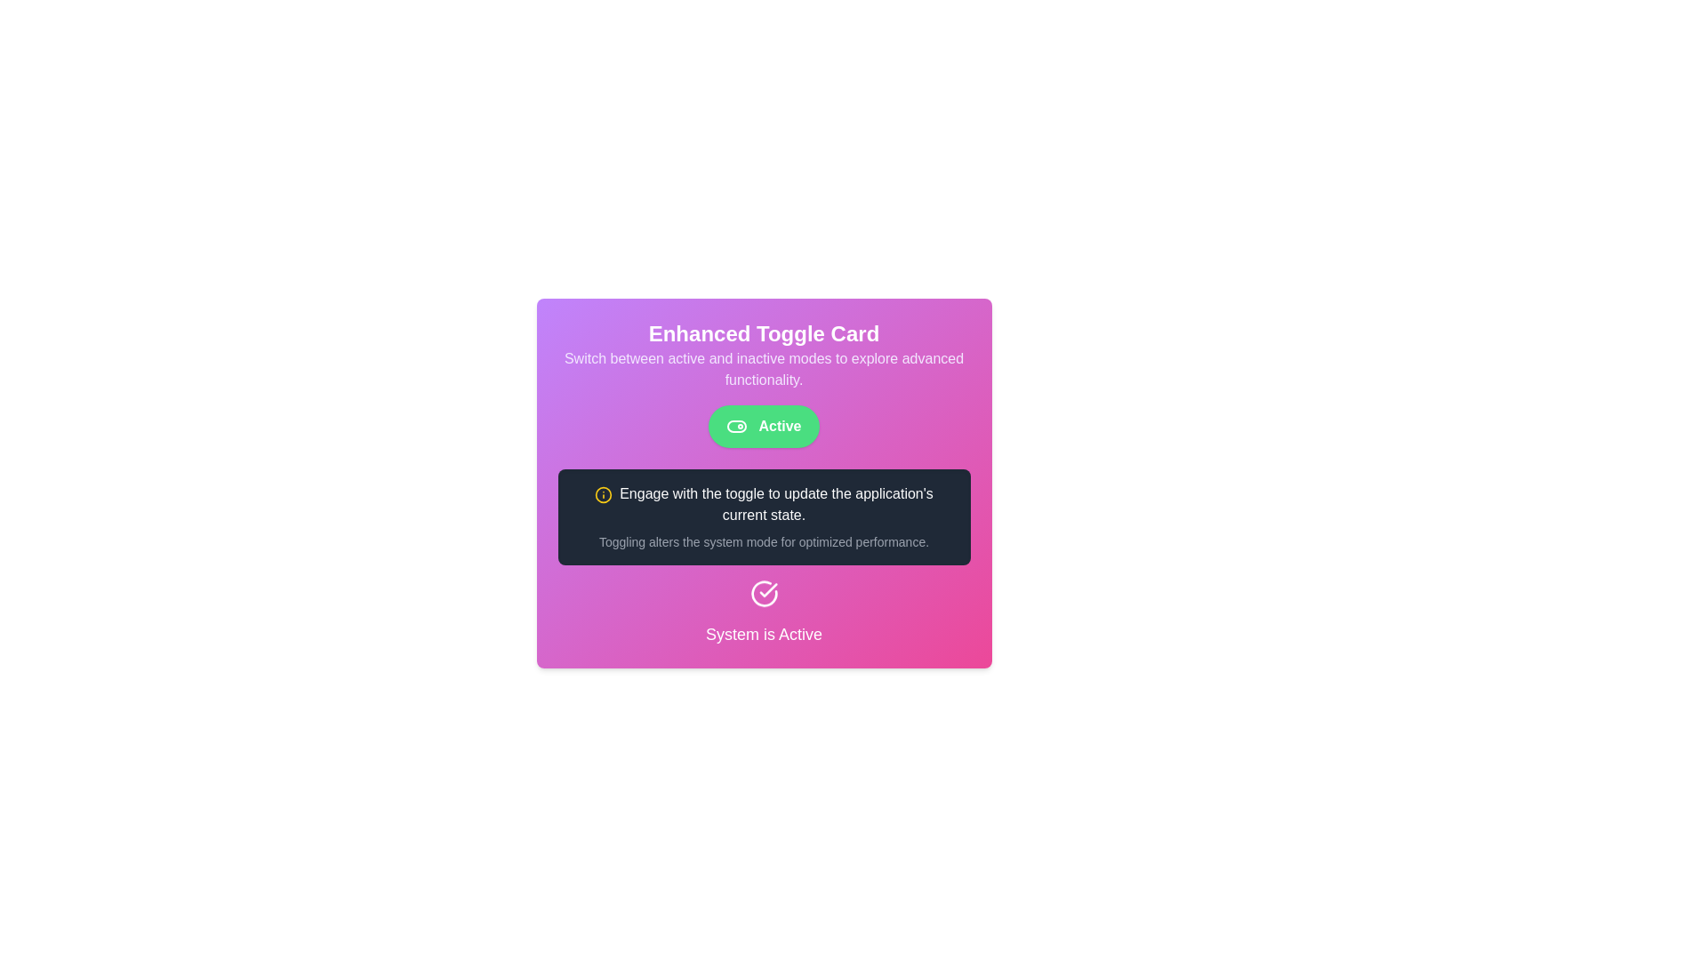  What do you see at coordinates (764, 356) in the screenshot?
I see `text content of the header and introductory description located above the toggle button labeled 'Active' in the toggle card` at bounding box center [764, 356].